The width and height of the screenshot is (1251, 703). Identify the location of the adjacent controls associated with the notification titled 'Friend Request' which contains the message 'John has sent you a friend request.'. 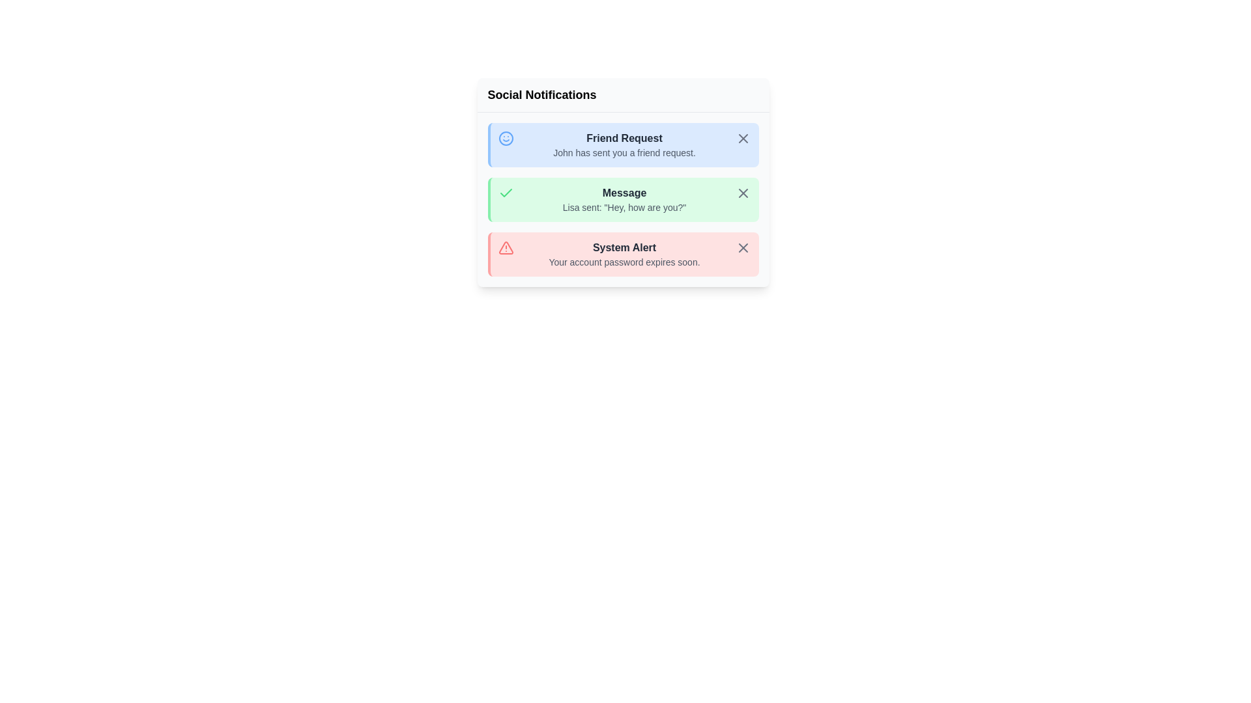
(624, 145).